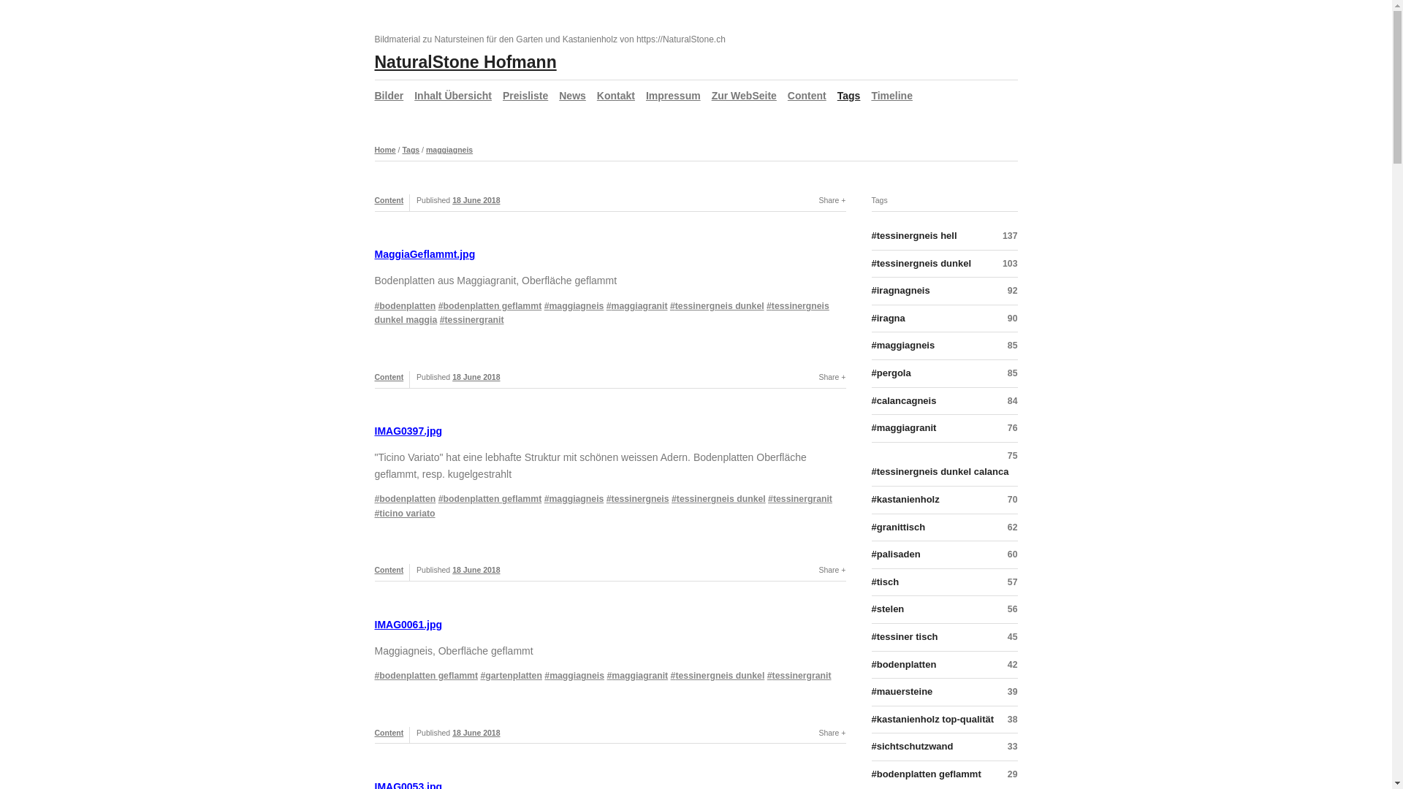 Image resolution: width=1403 pixels, height=789 pixels. Describe the element at coordinates (870, 238) in the screenshot. I see `'137` at that location.